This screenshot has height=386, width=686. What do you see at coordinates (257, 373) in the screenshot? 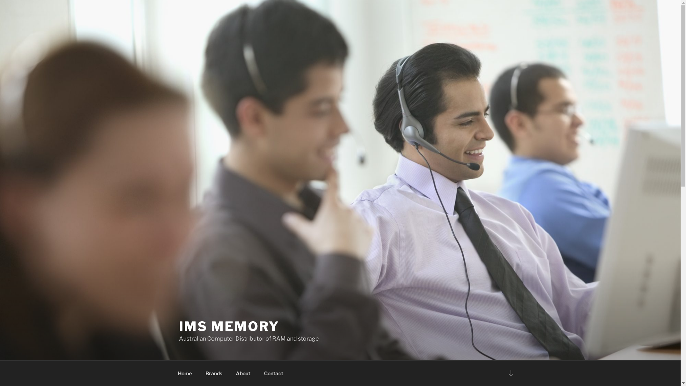
I see `'Contact'` at bounding box center [257, 373].